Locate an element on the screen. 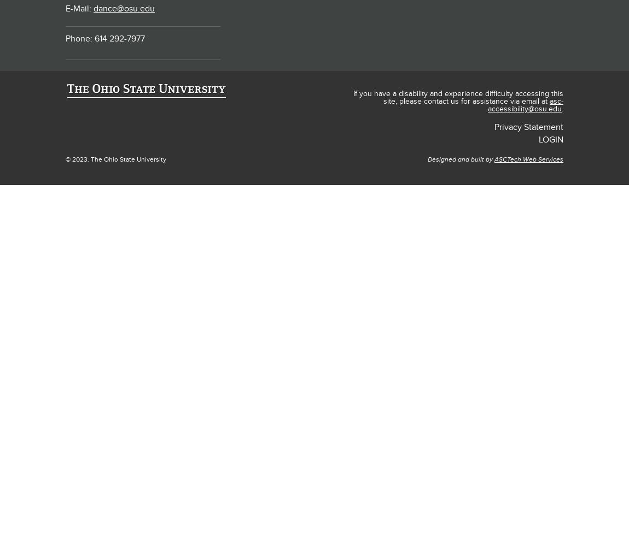 The height and width of the screenshot is (546, 629). 'E-Mail:' is located at coordinates (79, 9).